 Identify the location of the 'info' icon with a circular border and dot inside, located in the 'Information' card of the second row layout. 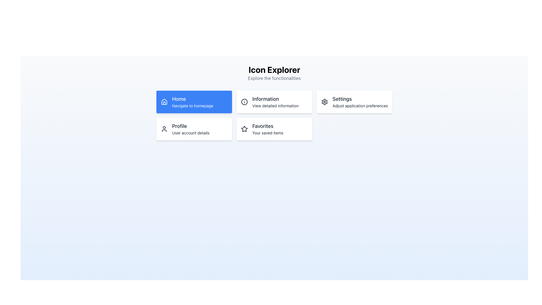
(244, 102).